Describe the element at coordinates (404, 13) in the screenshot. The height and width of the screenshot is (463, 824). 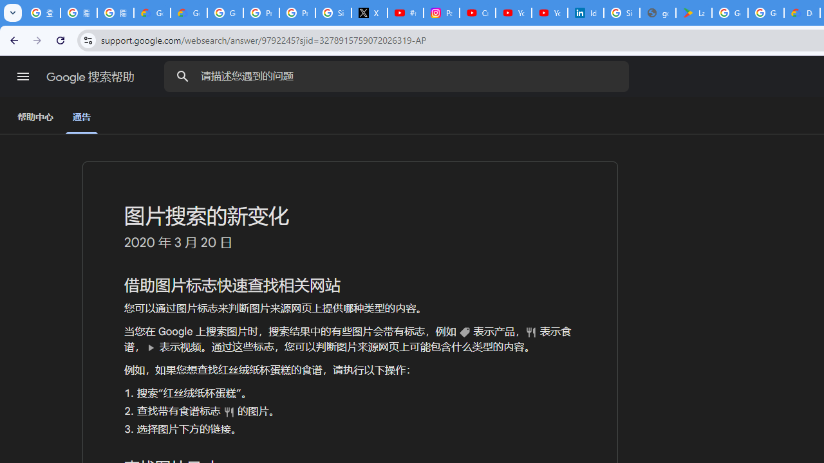
I see `'#nbabasketballhighlights - YouTube'` at that location.